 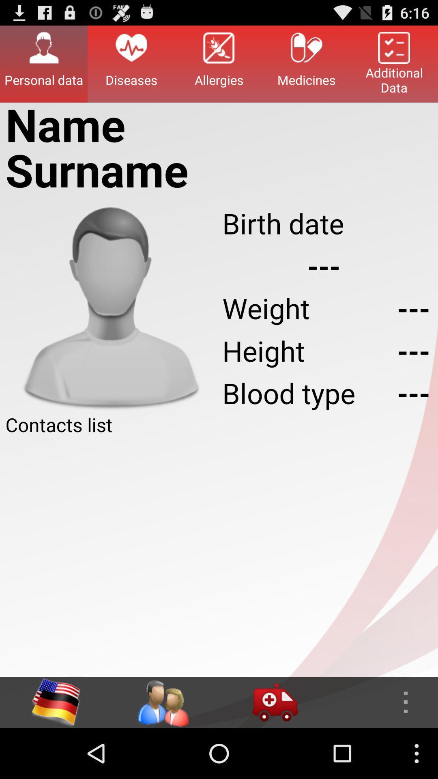 What do you see at coordinates (131, 63) in the screenshot?
I see `the icon to the right of personal data item` at bounding box center [131, 63].